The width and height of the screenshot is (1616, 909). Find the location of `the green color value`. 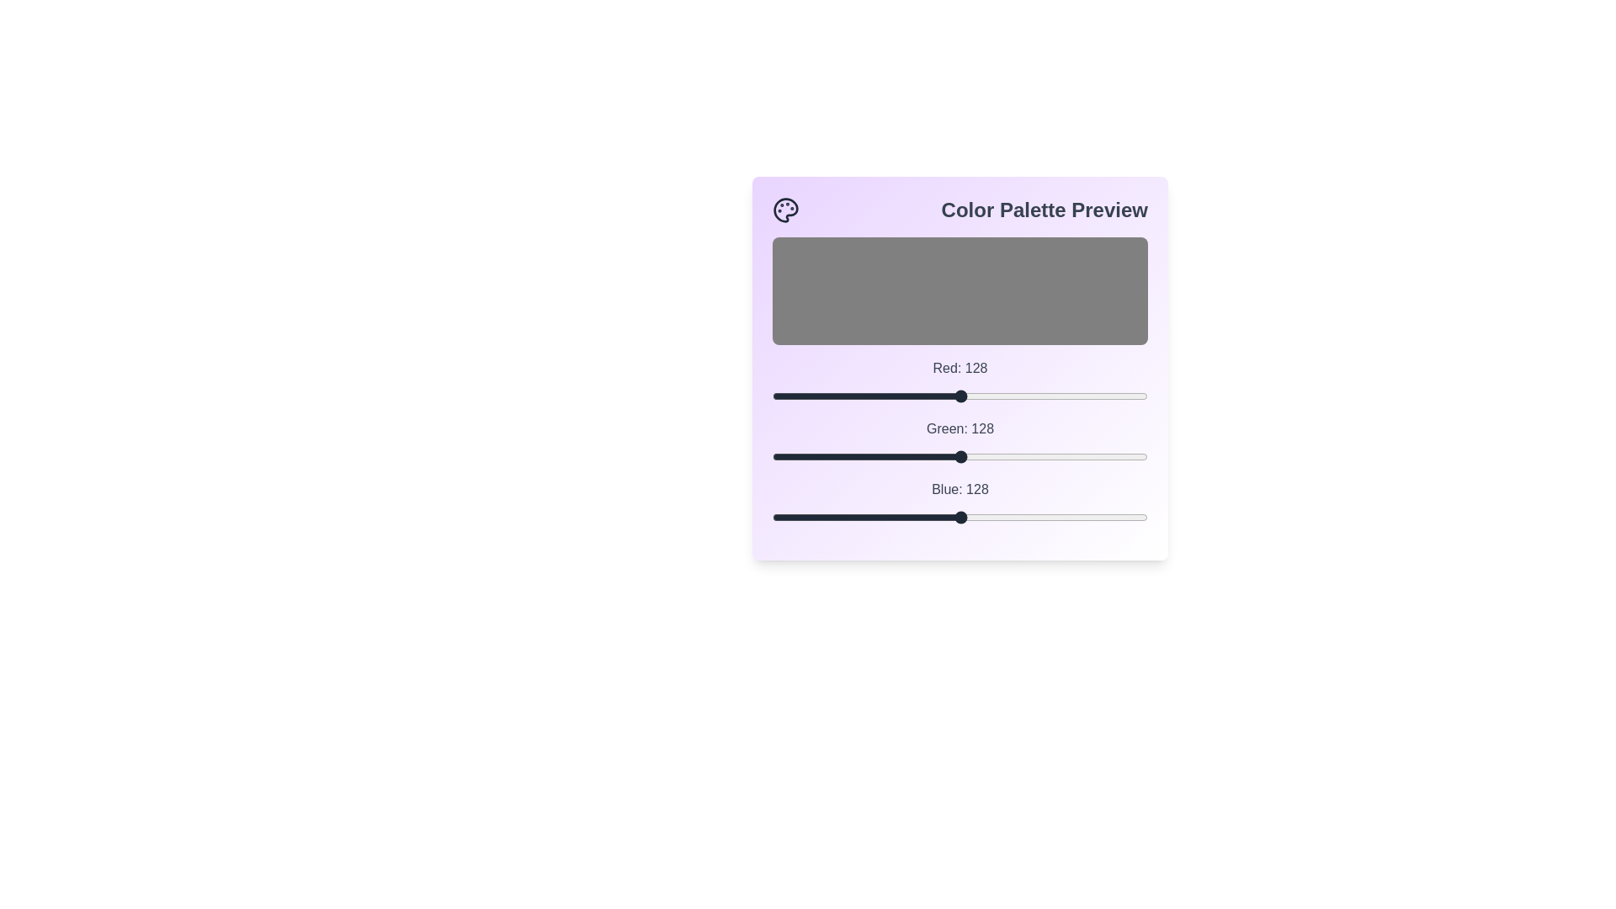

the green color value is located at coordinates (811, 457).